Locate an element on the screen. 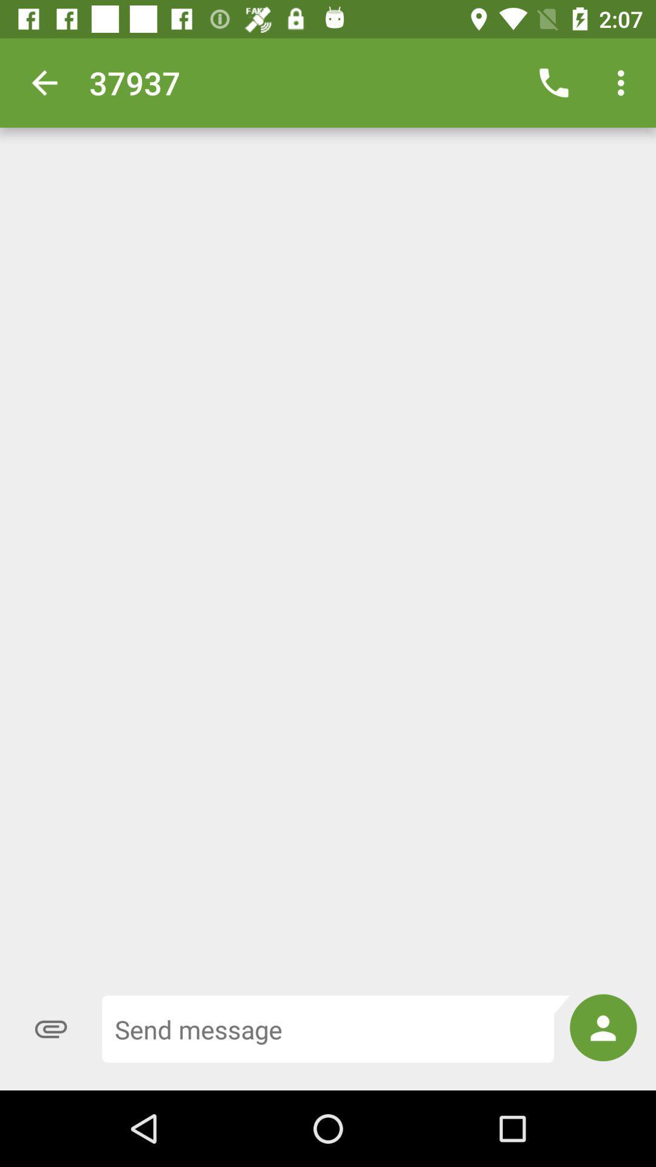  the attach_file icon is located at coordinates (50, 1028).